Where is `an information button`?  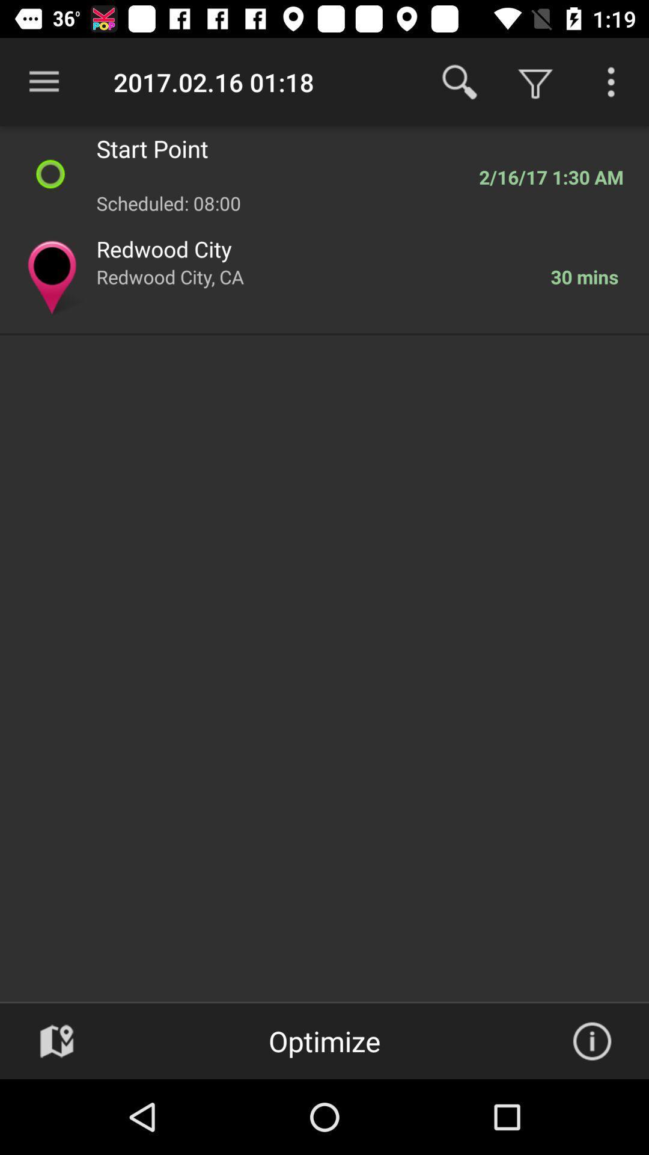 an information button is located at coordinates (591, 1041).